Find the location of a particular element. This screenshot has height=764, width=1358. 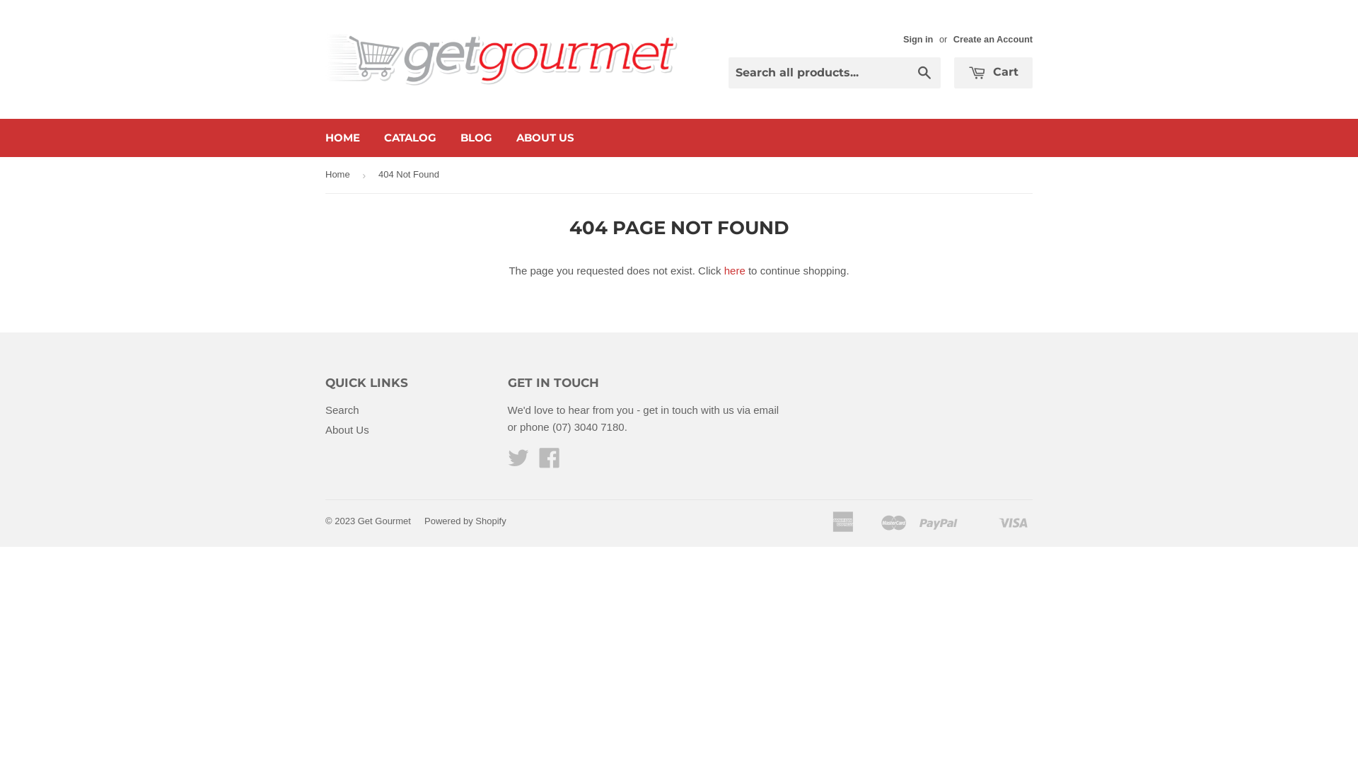

'Sign in' is located at coordinates (918, 38).